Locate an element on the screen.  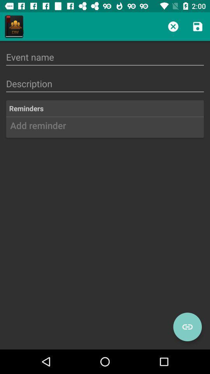
description is located at coordinates (105, 84).